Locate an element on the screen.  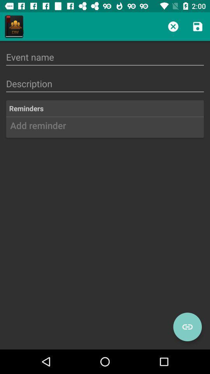
description is located at coordinates (105, 84).